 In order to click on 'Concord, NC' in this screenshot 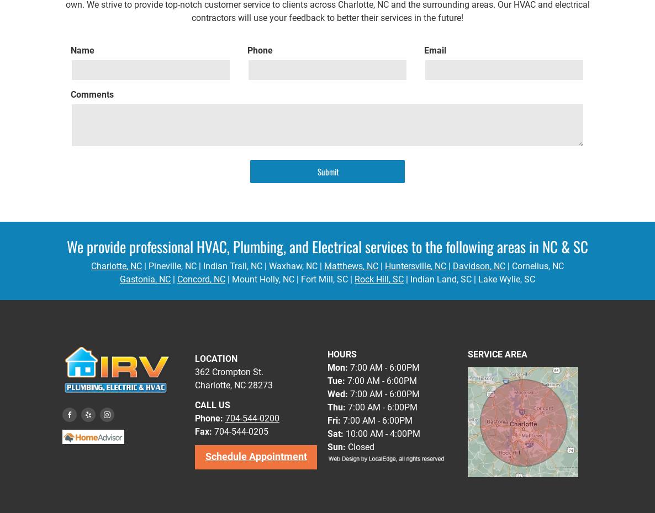, I will do `click(200, 279)`.